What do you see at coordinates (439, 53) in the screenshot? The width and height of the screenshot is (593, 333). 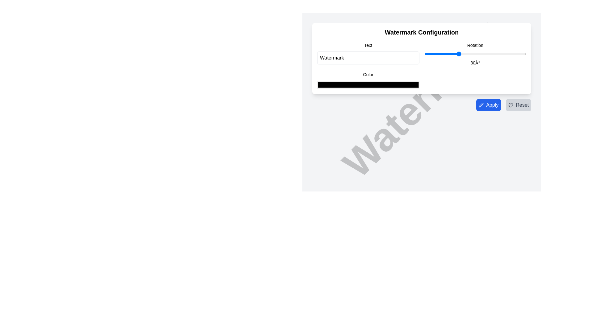 I see `rotation` at bounding box center [439, 53].